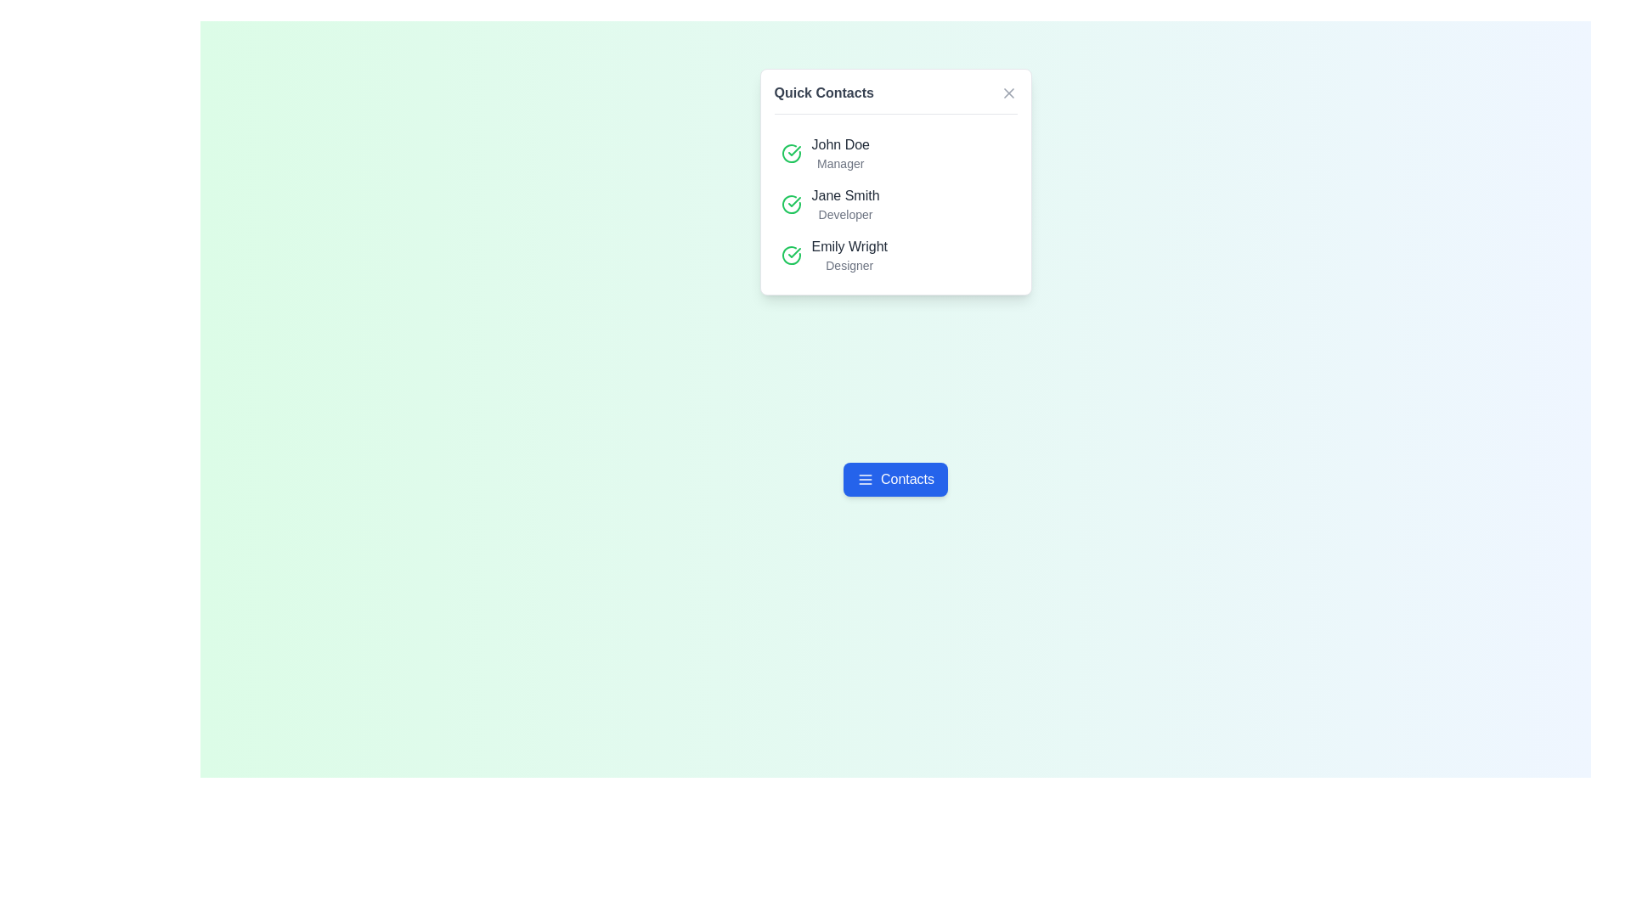  Describe the element at coordinates (790, 255) in the screenshot. I see `the circular green icon with a checkmark next to 'Emily Wright Designer'` at that location.